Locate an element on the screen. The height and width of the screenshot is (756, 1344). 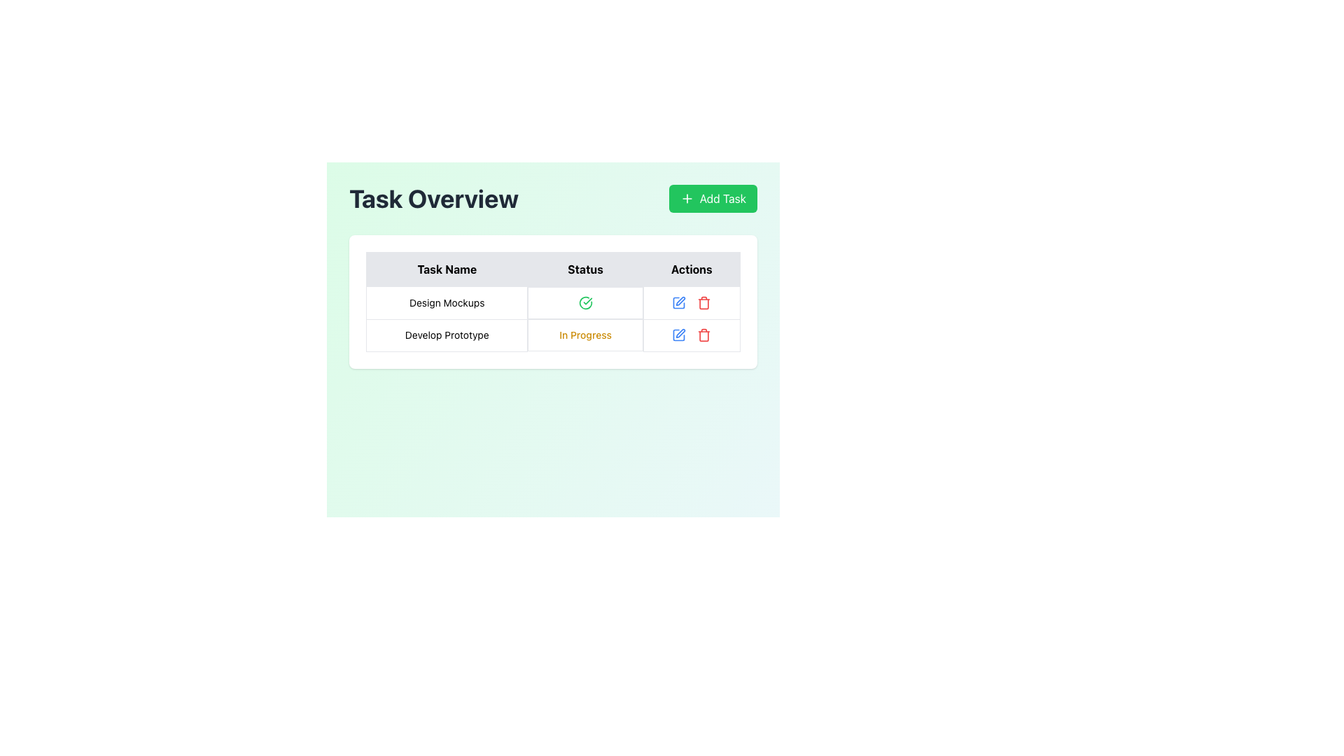
the blue pen icon in the Actions column under the row labeled 'Develop Prototype' to initiate editing is located at coordinates (678, 335).